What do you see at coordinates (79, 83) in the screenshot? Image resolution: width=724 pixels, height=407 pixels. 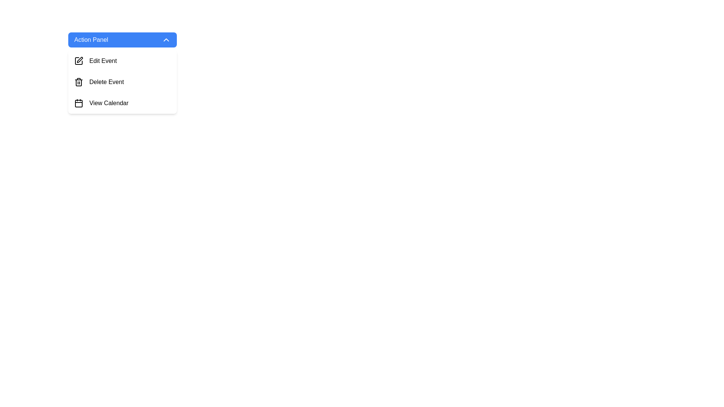 I see `the 'Delete' action icon, represented by a trash bin` at bounding box center [79, 83].